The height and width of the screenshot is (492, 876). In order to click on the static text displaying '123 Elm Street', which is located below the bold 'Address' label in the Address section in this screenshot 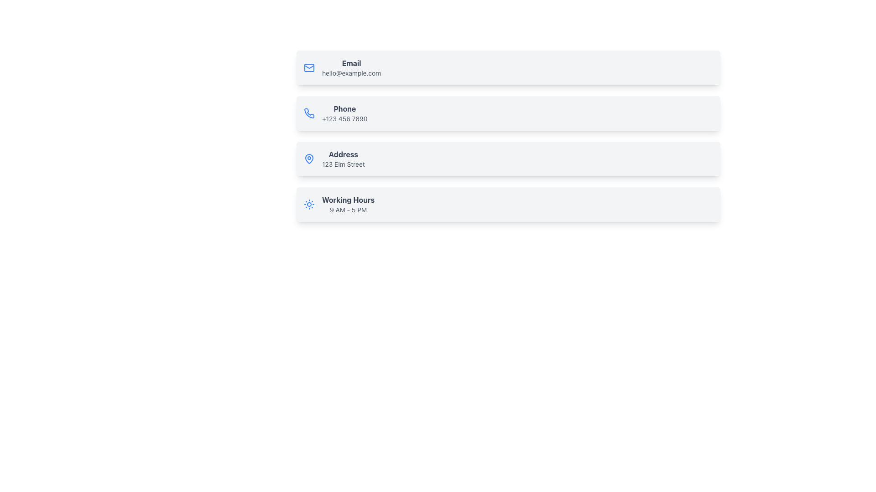, I will do `click(343, 164)`.